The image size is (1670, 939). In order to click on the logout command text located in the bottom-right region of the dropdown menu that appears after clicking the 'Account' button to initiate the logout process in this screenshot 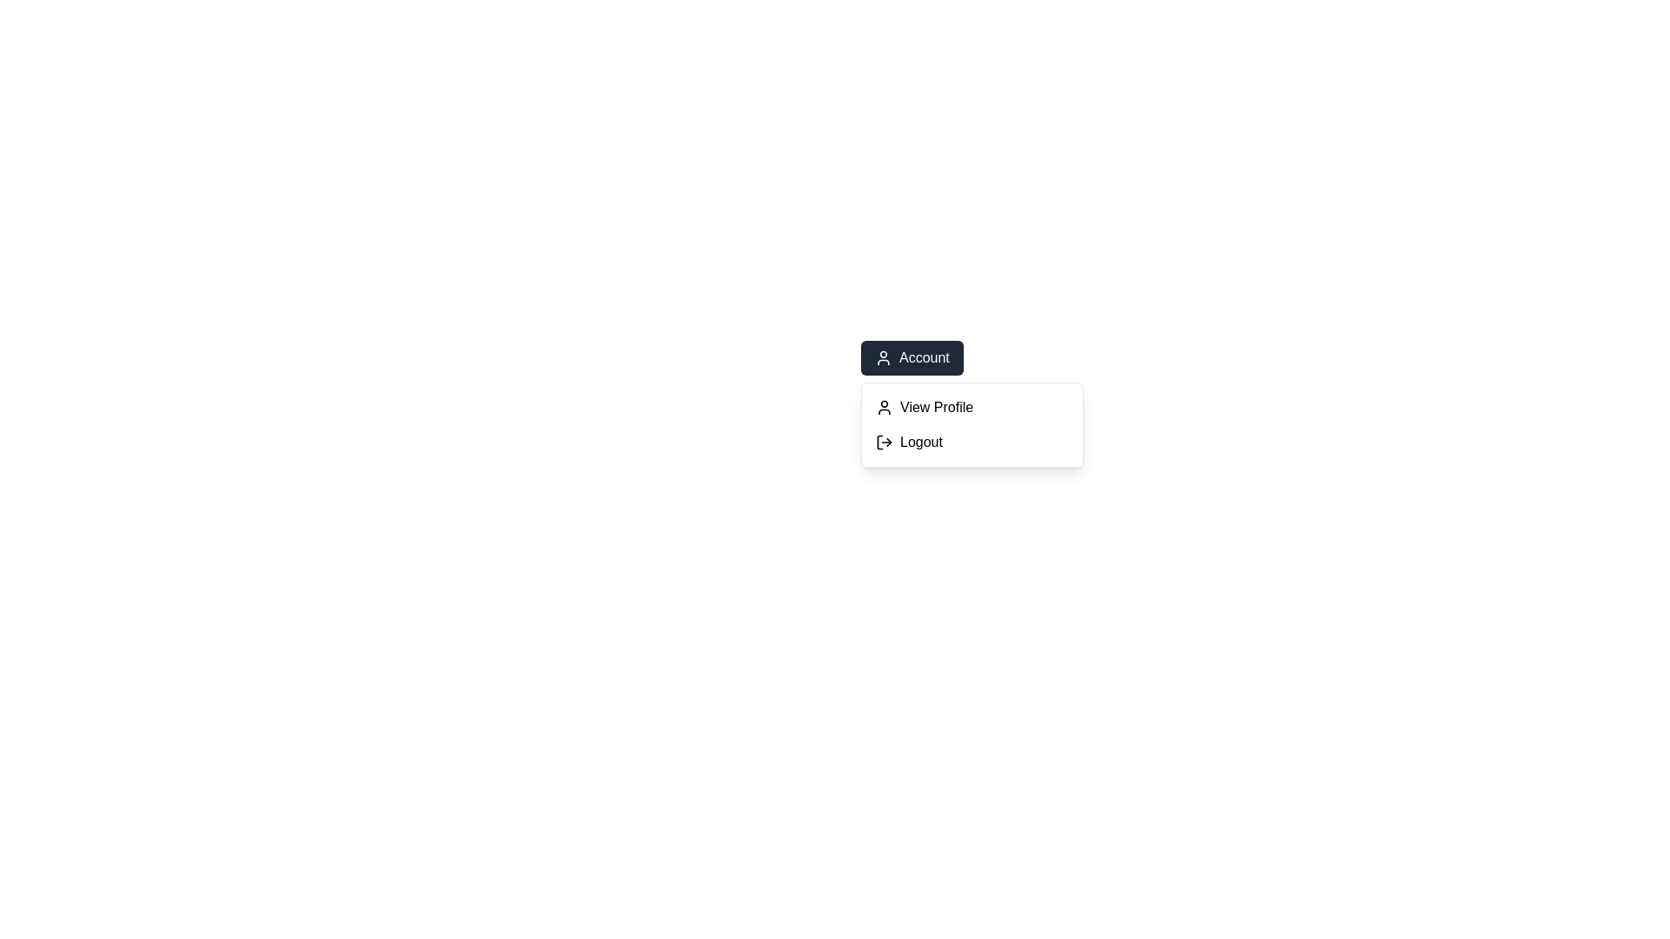, I will do `click(920, 442)`.